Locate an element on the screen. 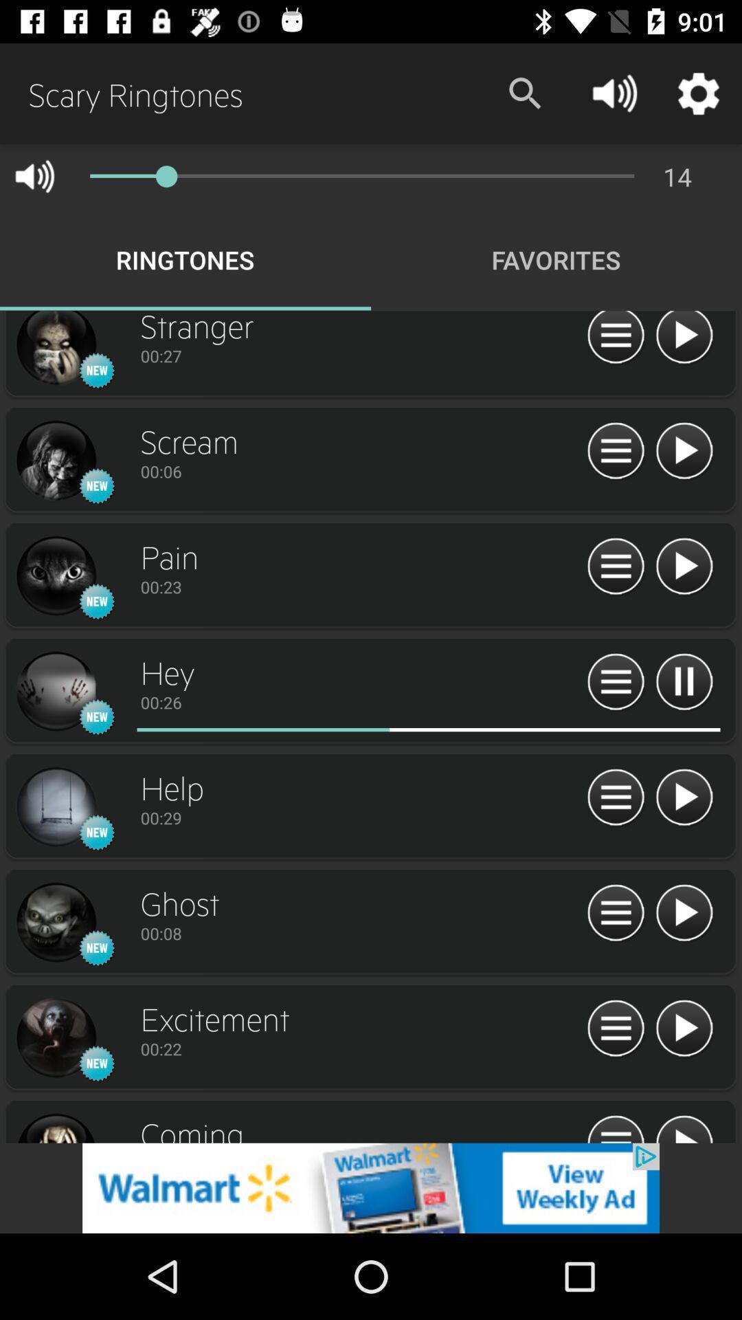 The width and height of the screenshot is (742, 1320). play button is located at coordinates (684, 1029).